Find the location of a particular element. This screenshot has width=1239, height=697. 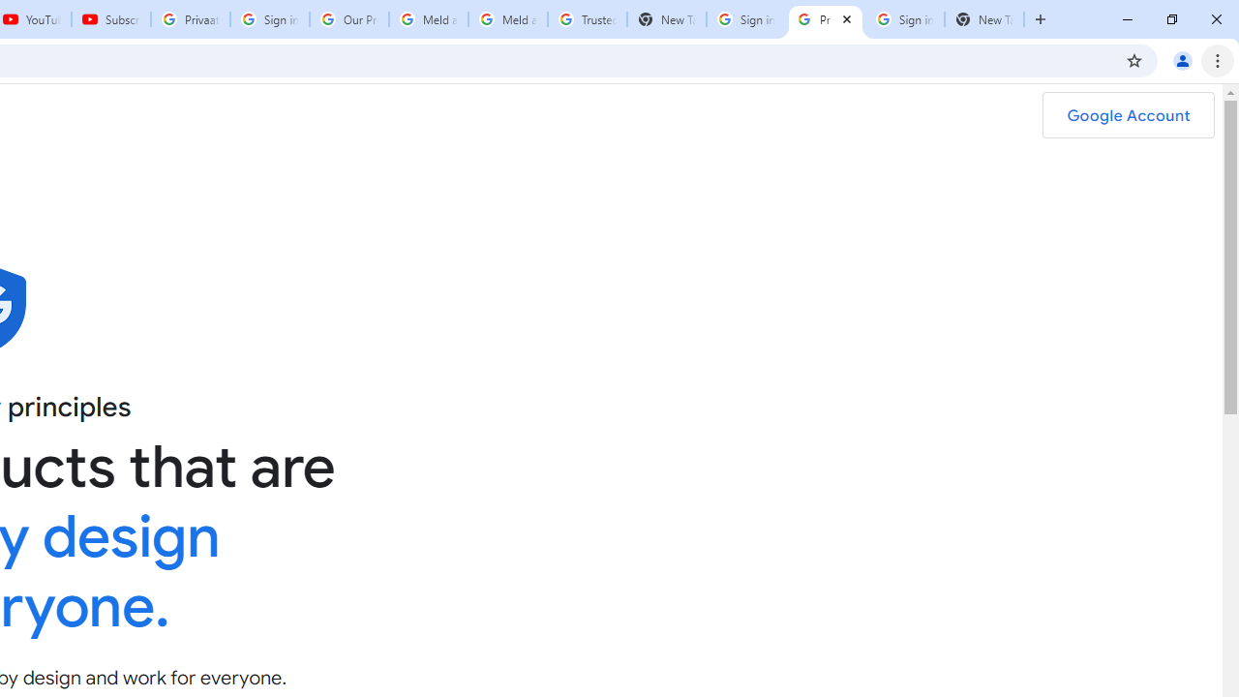

'Subscriptions - YouTube' is located at coordinates (110, 19).